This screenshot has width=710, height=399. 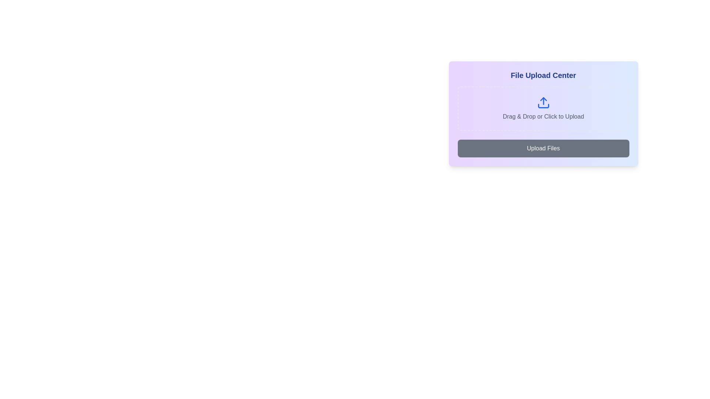 I want to click on instruction text label located in the 'File Upload Center' section, which guides users to drag and drop files or click to upload, so click(x=543, y=116).